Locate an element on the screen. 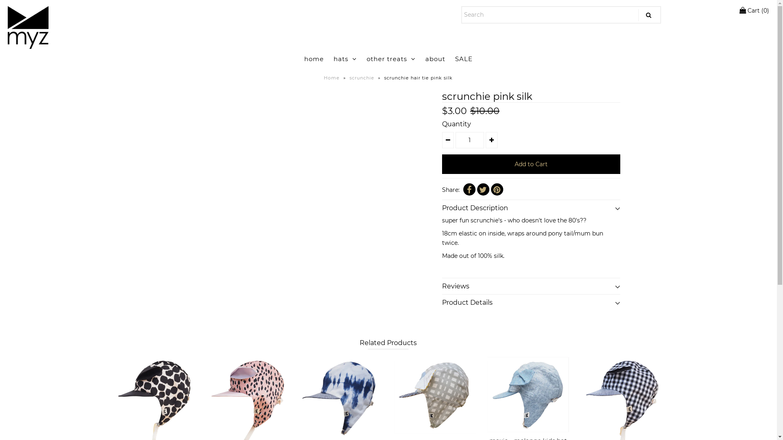 Image resolution: width=783 pixels, height=440 pixels. 'Cart (0)' is located at coordinates (753, 11).